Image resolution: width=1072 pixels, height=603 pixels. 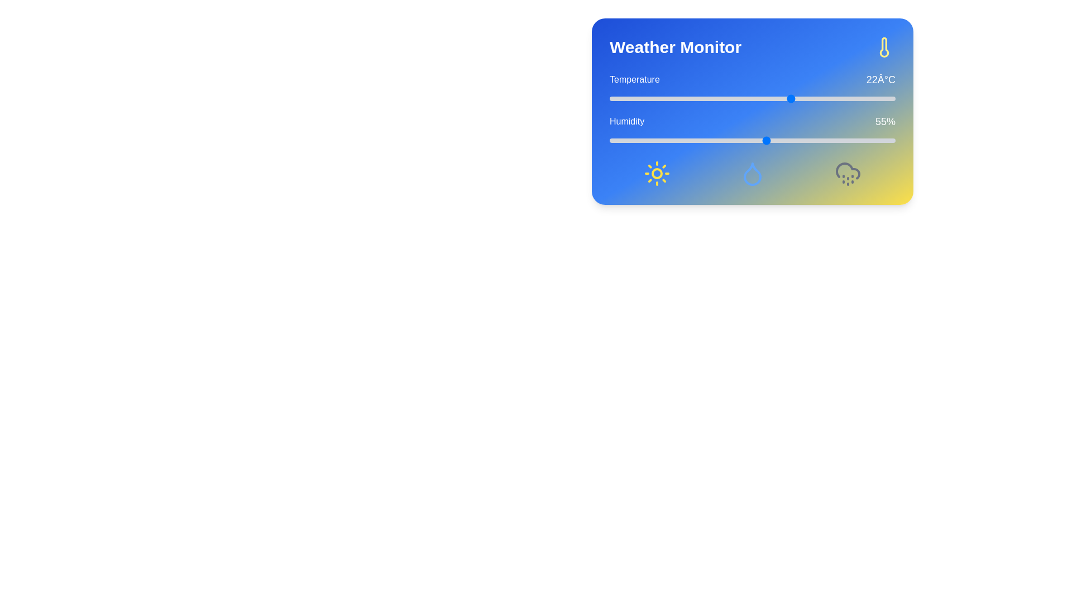 I want to click on the humidity slider to 51%, so click(x=755, y=140).